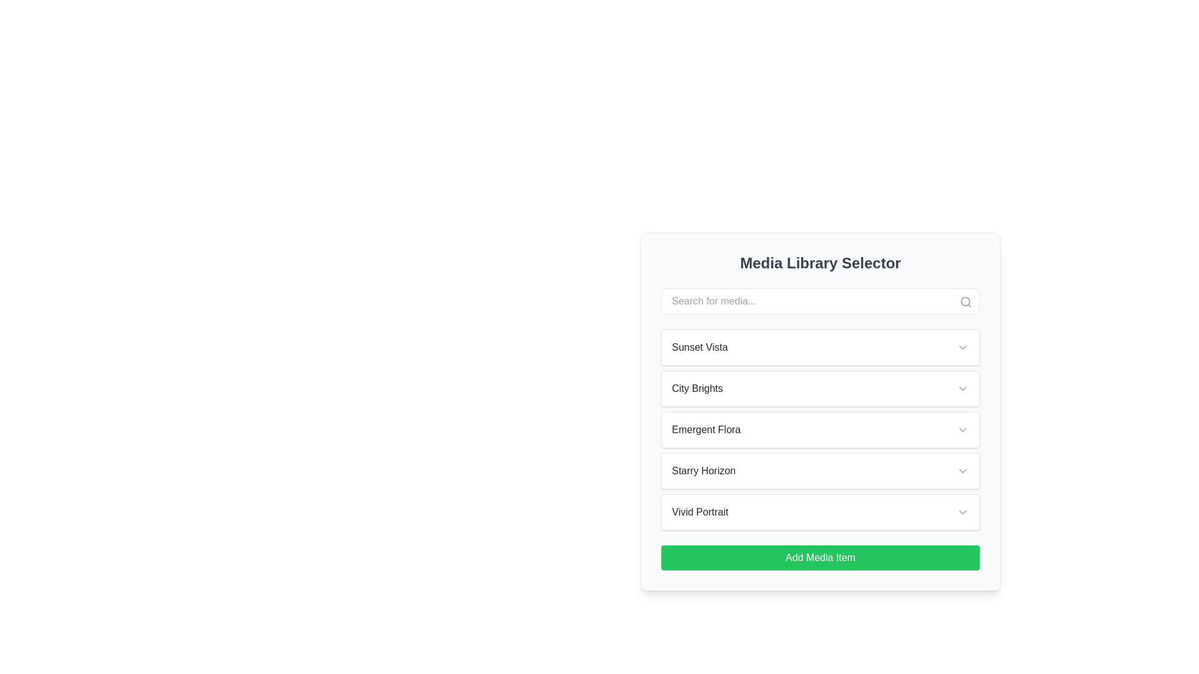 The image size is (1199, 674). I want to click on the text label displaying 'Sunset Vista' within the first clickable area under 'Media Library Selector', so click(699, 347).